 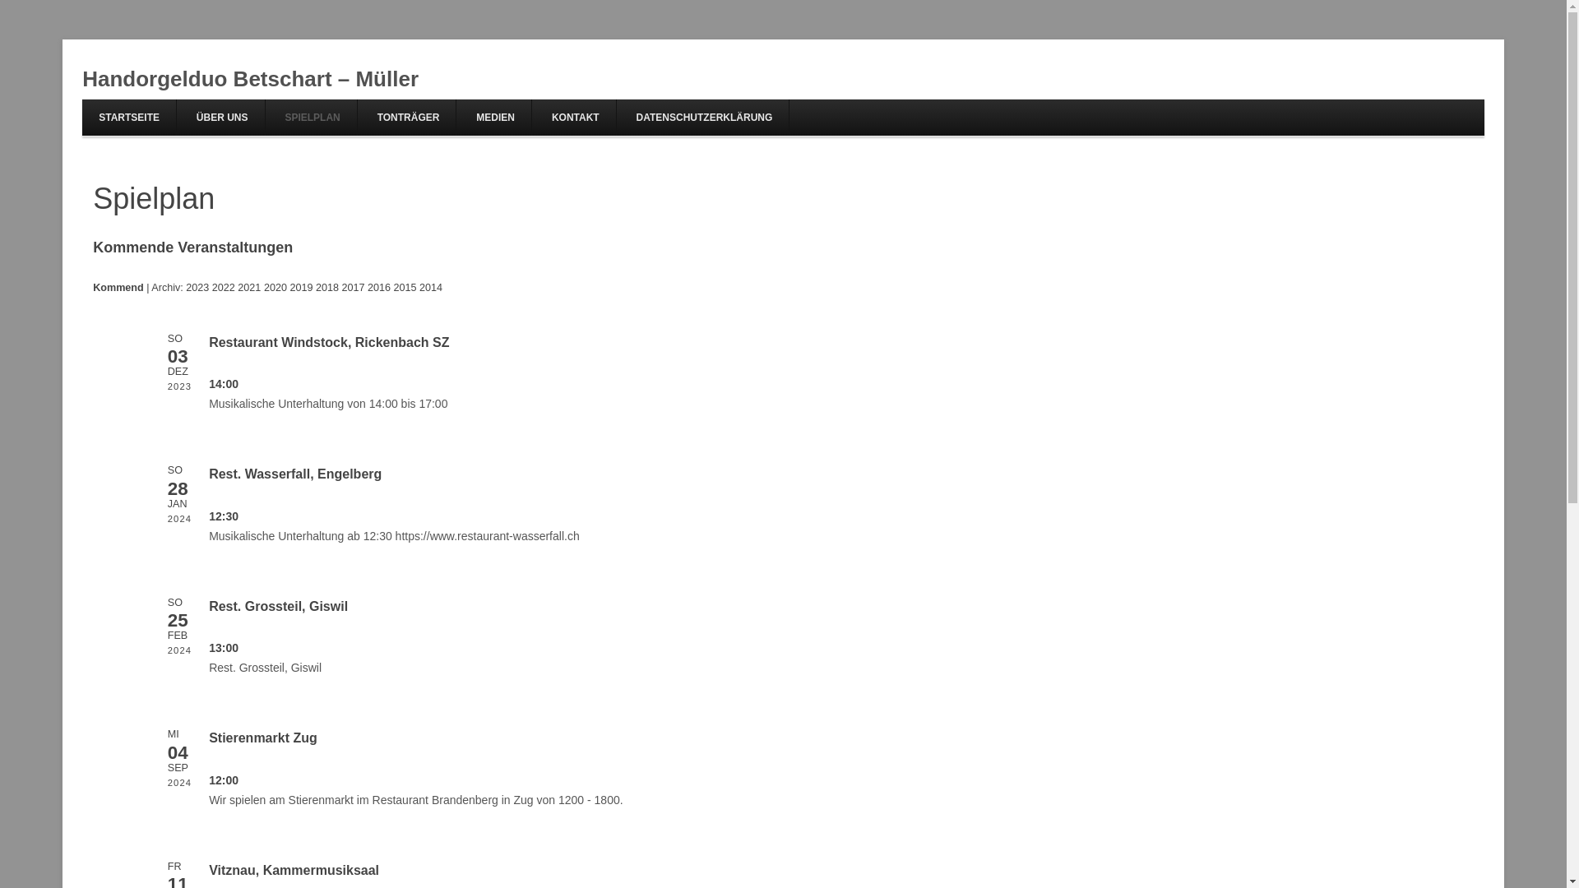 I want to click on 'MEDIEN', so click(x=494, y=116).